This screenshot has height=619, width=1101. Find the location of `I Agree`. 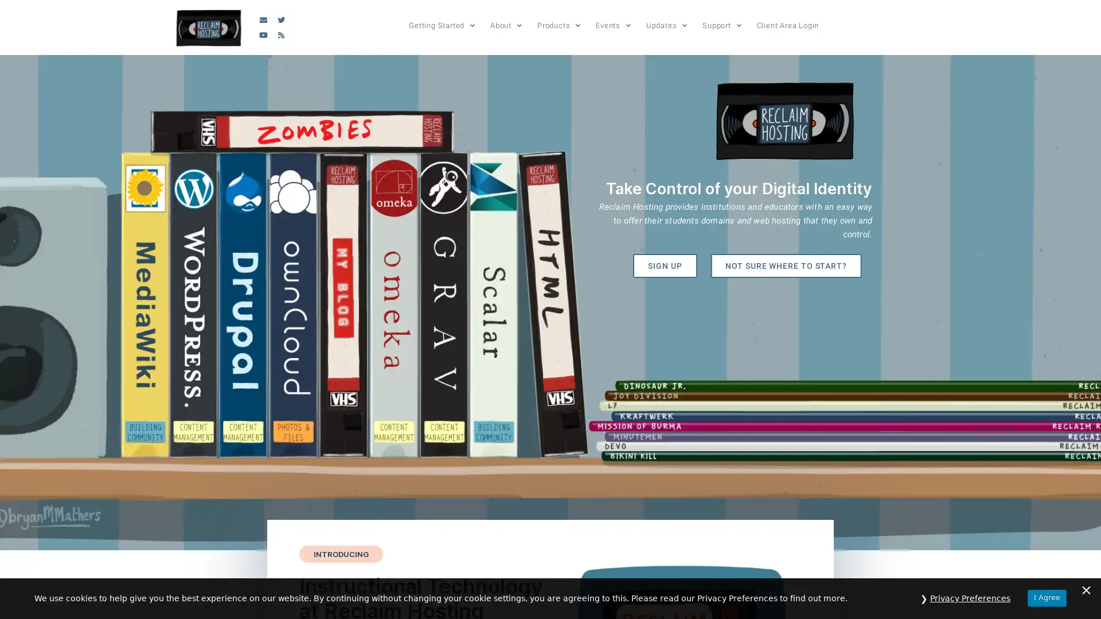

I Agree is located at coordinates (1047, 597).